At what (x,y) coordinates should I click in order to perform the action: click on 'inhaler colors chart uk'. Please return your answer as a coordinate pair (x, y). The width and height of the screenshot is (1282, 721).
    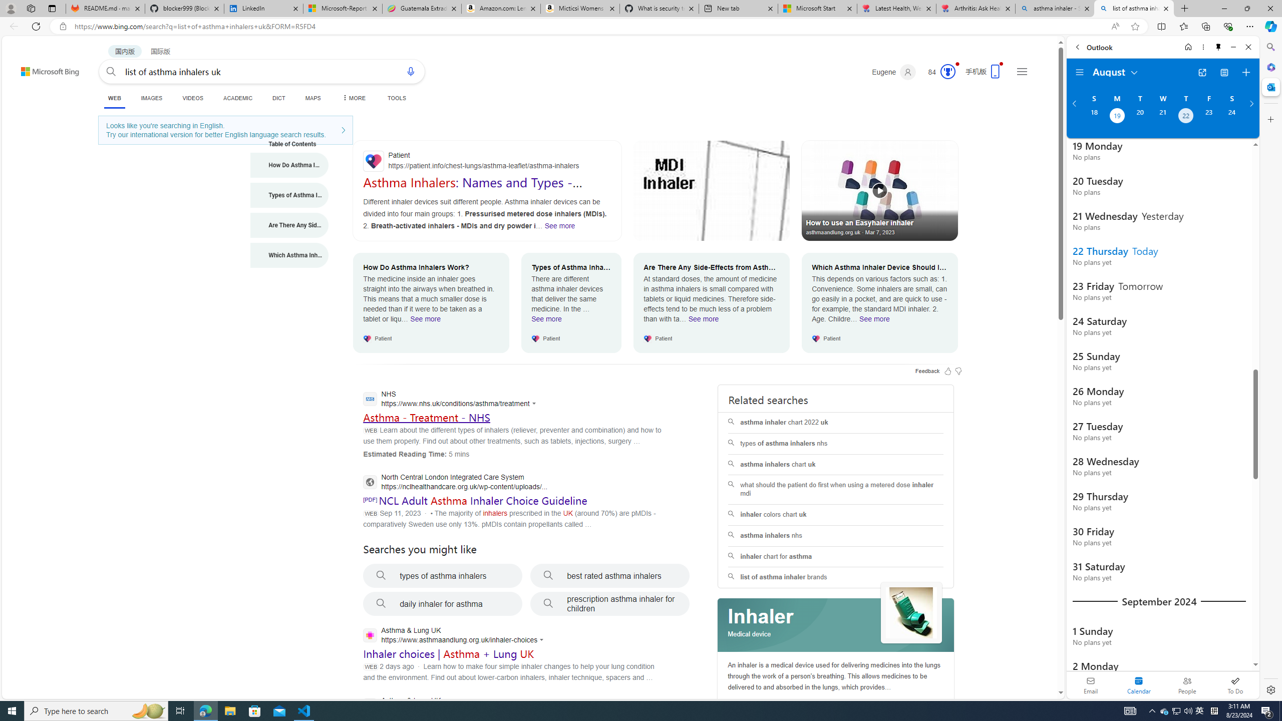
    Looking at the image, I should click on (835, 514).